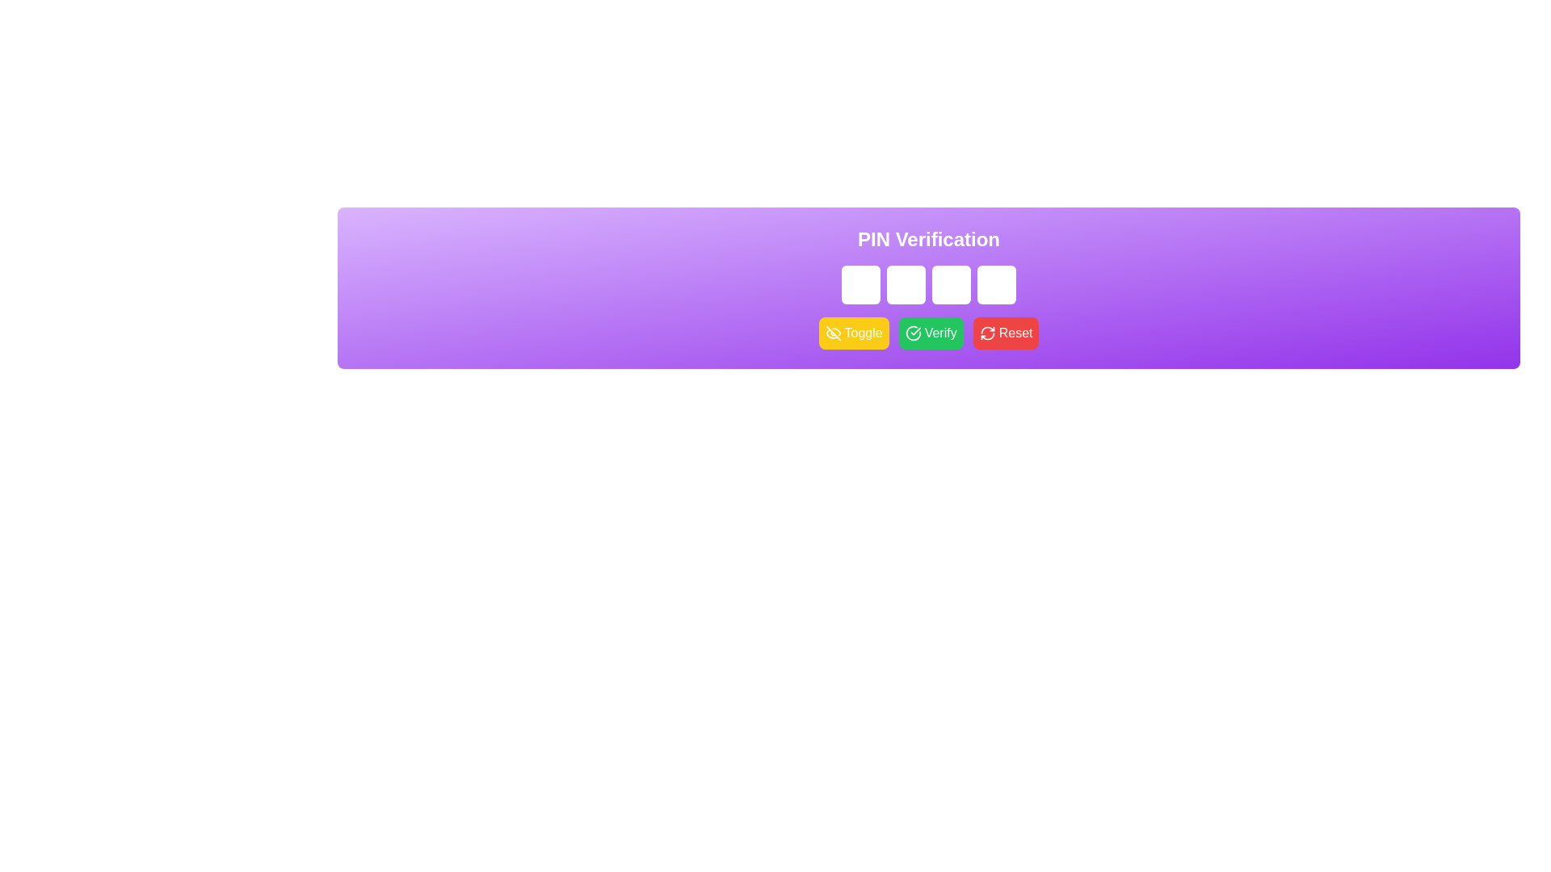  Describe the element at coordinates (929, 284) in the screenshot. I see `the group of four rounded rectangular input boxes for PIN verification, which are centrally located beneath the 'PIN Verification' text` at that location.